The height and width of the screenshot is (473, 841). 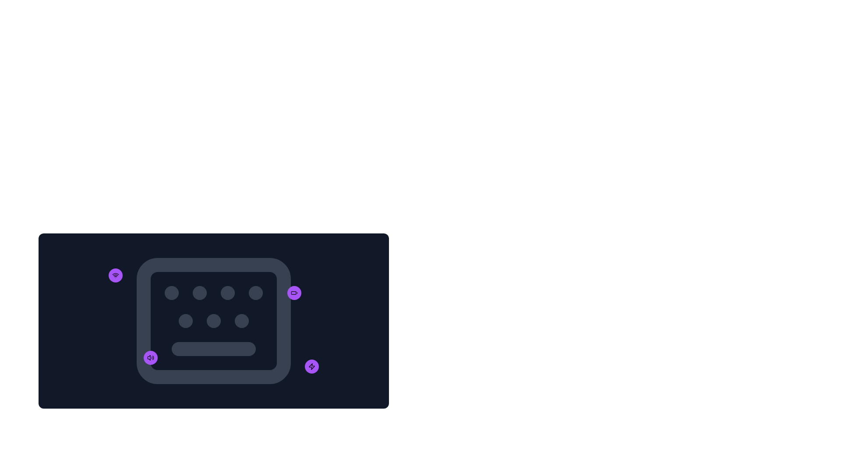 What do you see at coordinates (311, 367) in the screenshot?
I see `the energy activation button located at the bottom-right corner, indicated by a lightning bolt icon` at bounding box center [311, 367].